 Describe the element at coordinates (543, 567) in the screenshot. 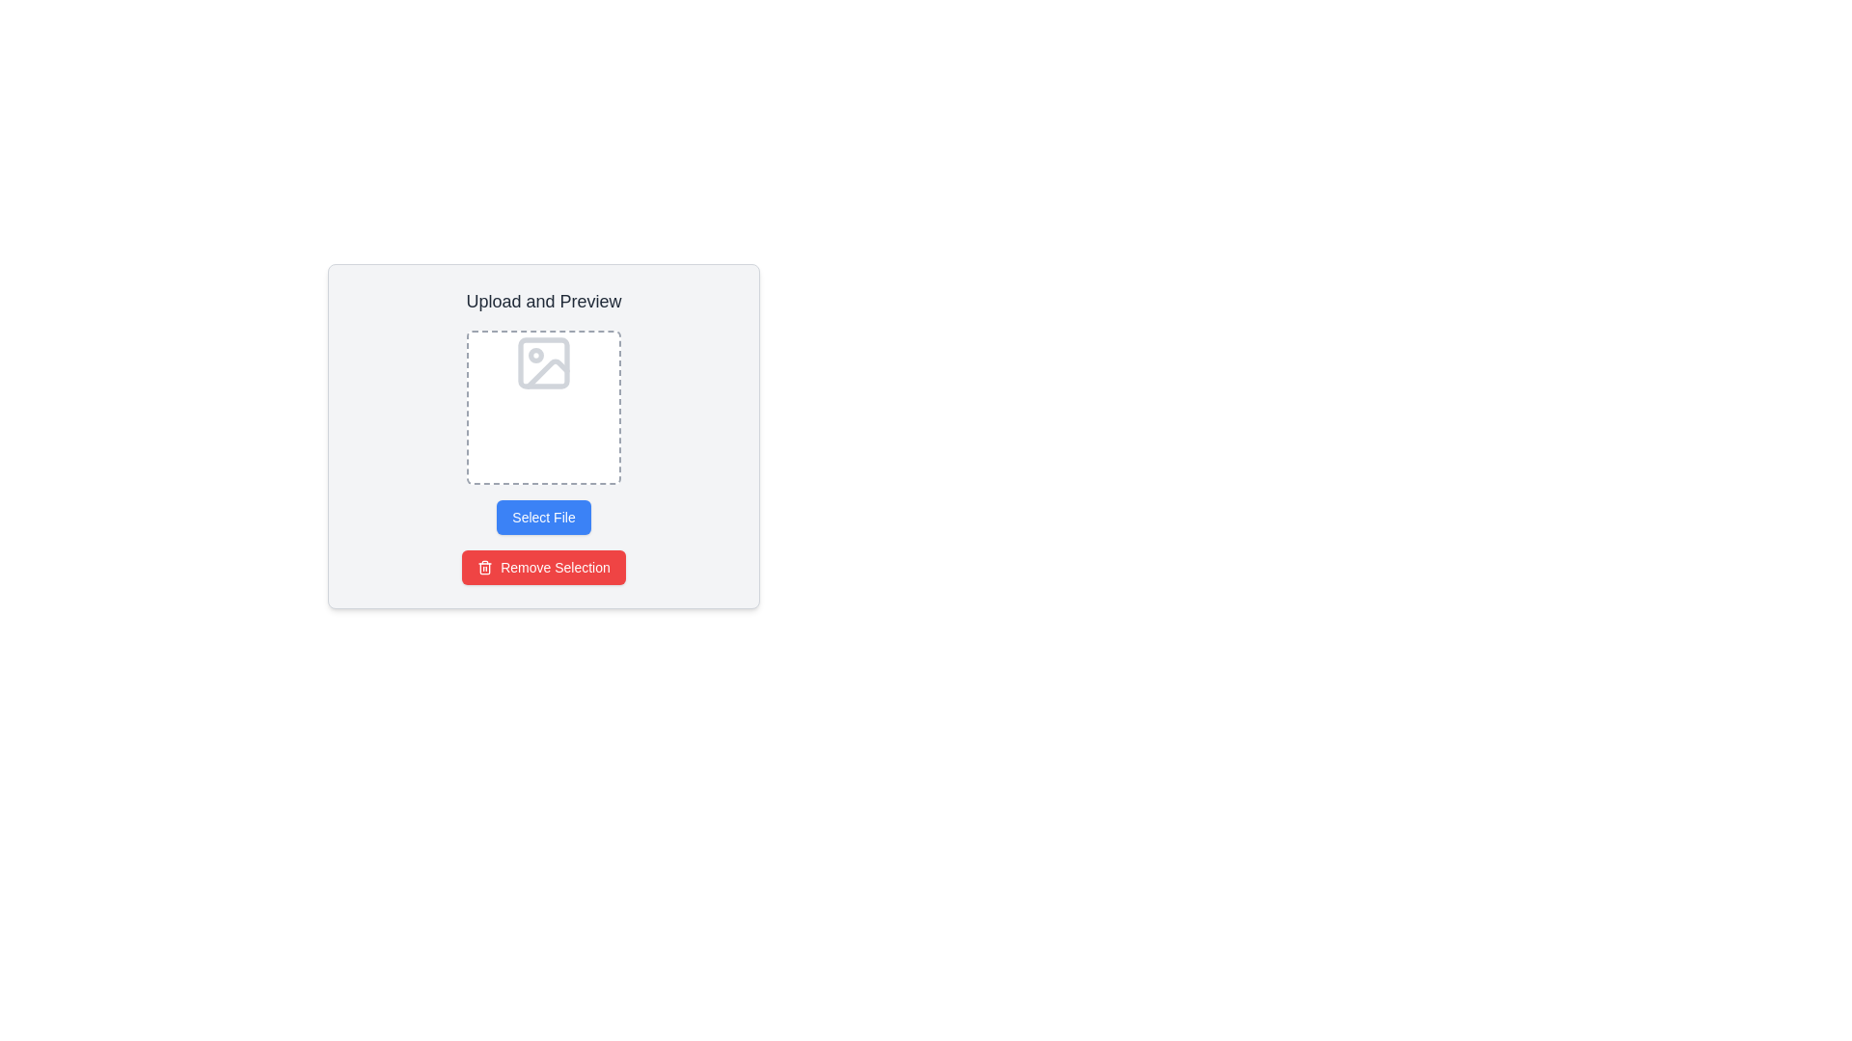

I see `the 'Remove Selection' button with a red background and a trash can icon` at that location.